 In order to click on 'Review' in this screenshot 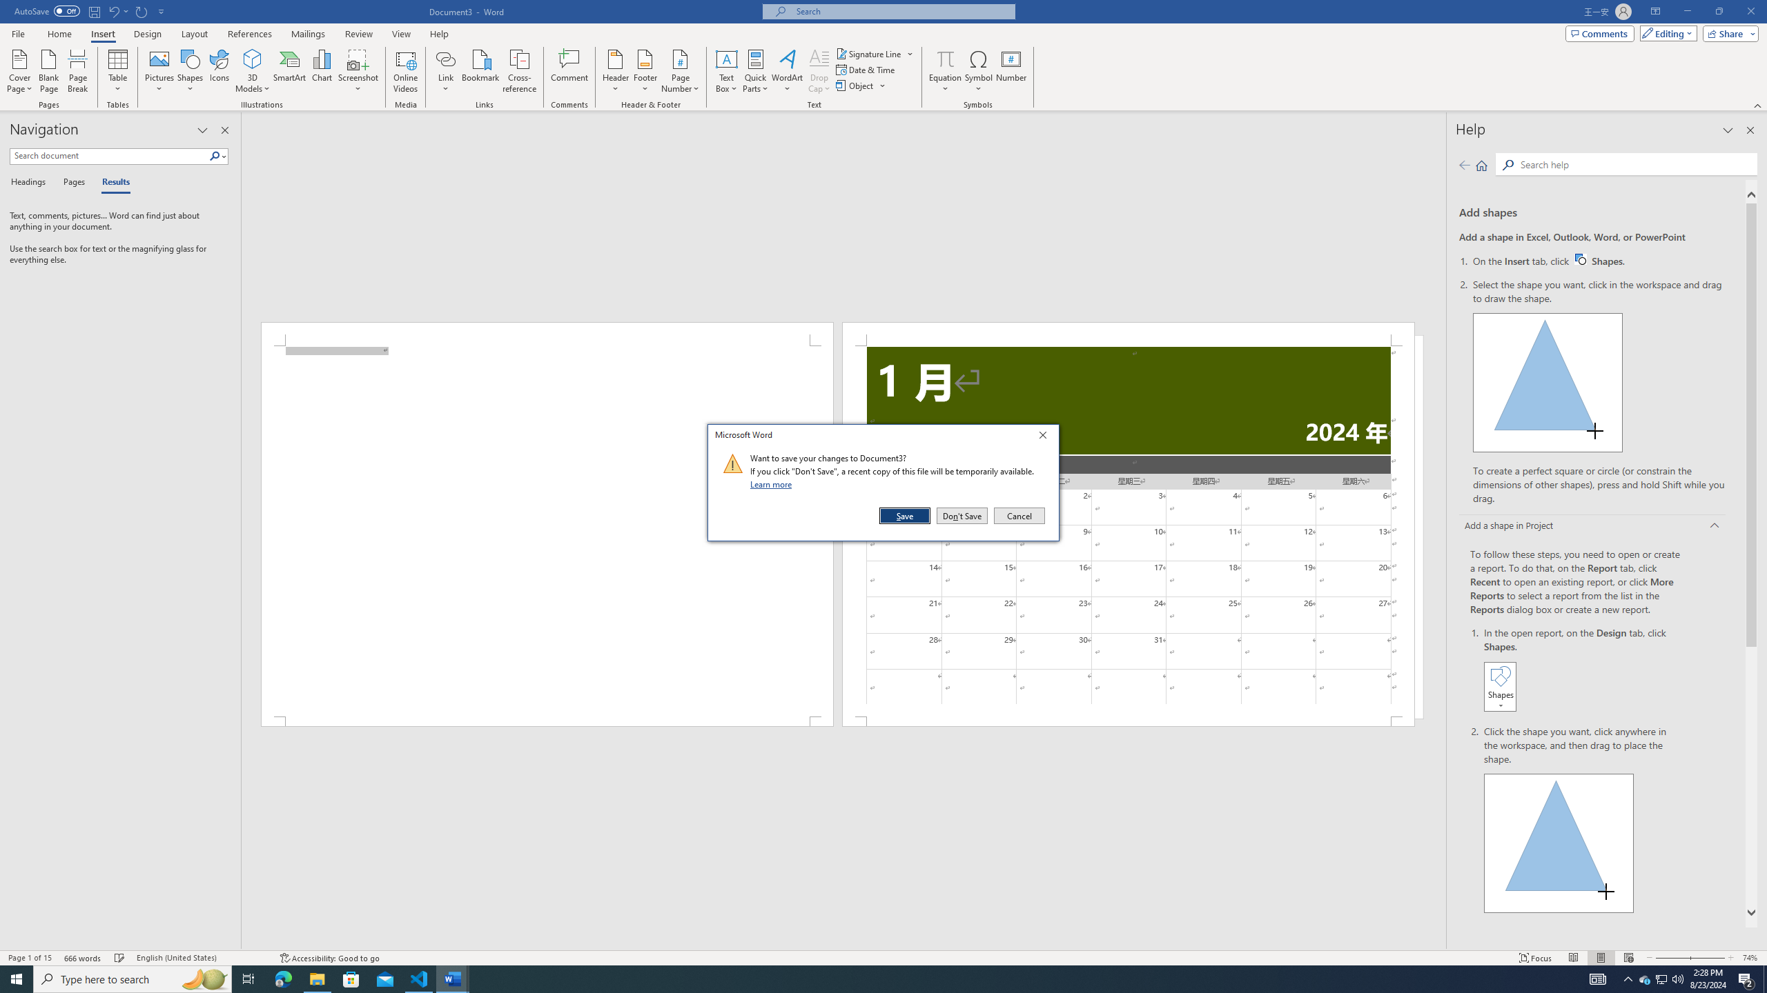, I will do `click(358, 34)`.